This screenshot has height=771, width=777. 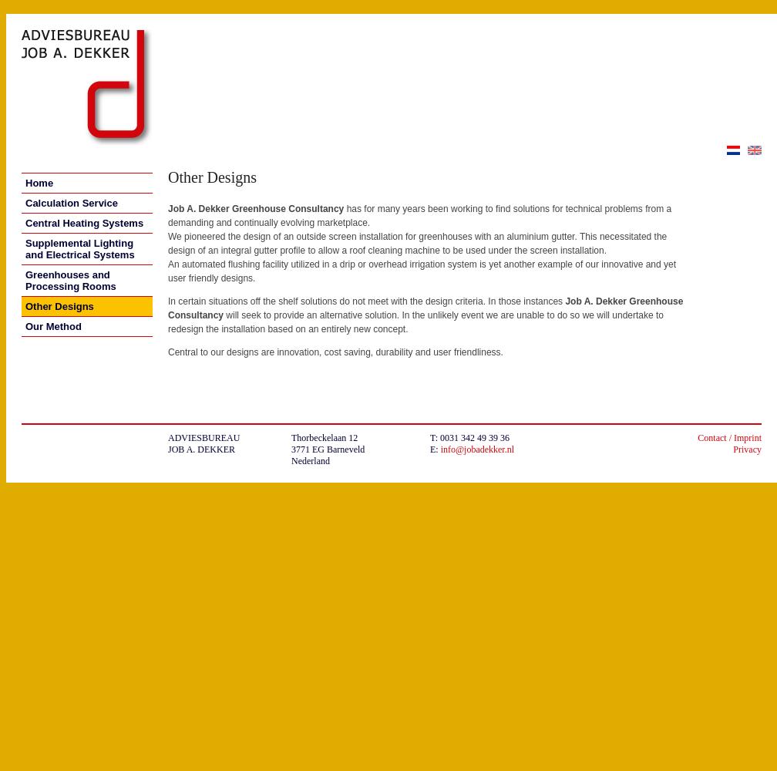 What do you see at coordinates (70, 280) in the screenshot?
I see `'Greenhouses and Processing Rooms'` at bounding box center [70, 280].